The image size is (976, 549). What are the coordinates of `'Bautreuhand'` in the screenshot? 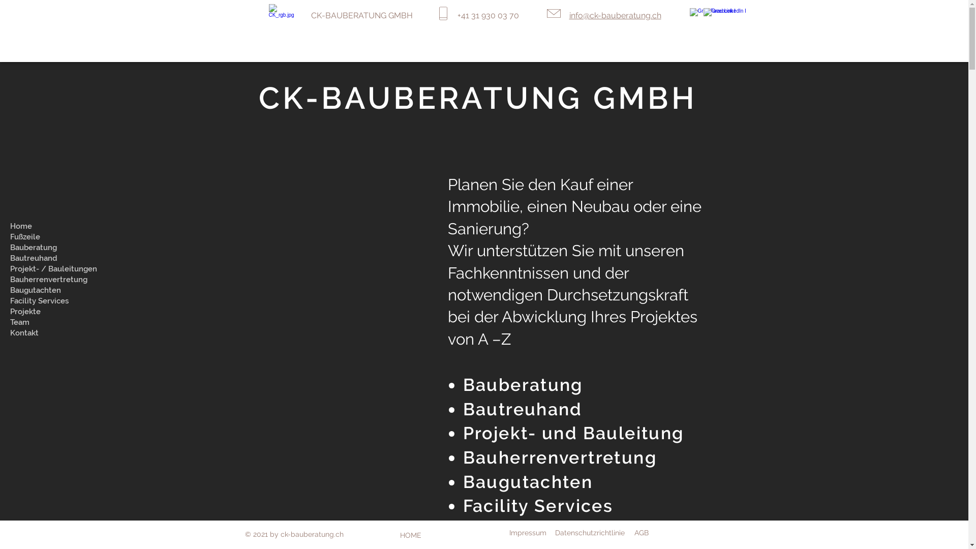 It's located at (523, 409).